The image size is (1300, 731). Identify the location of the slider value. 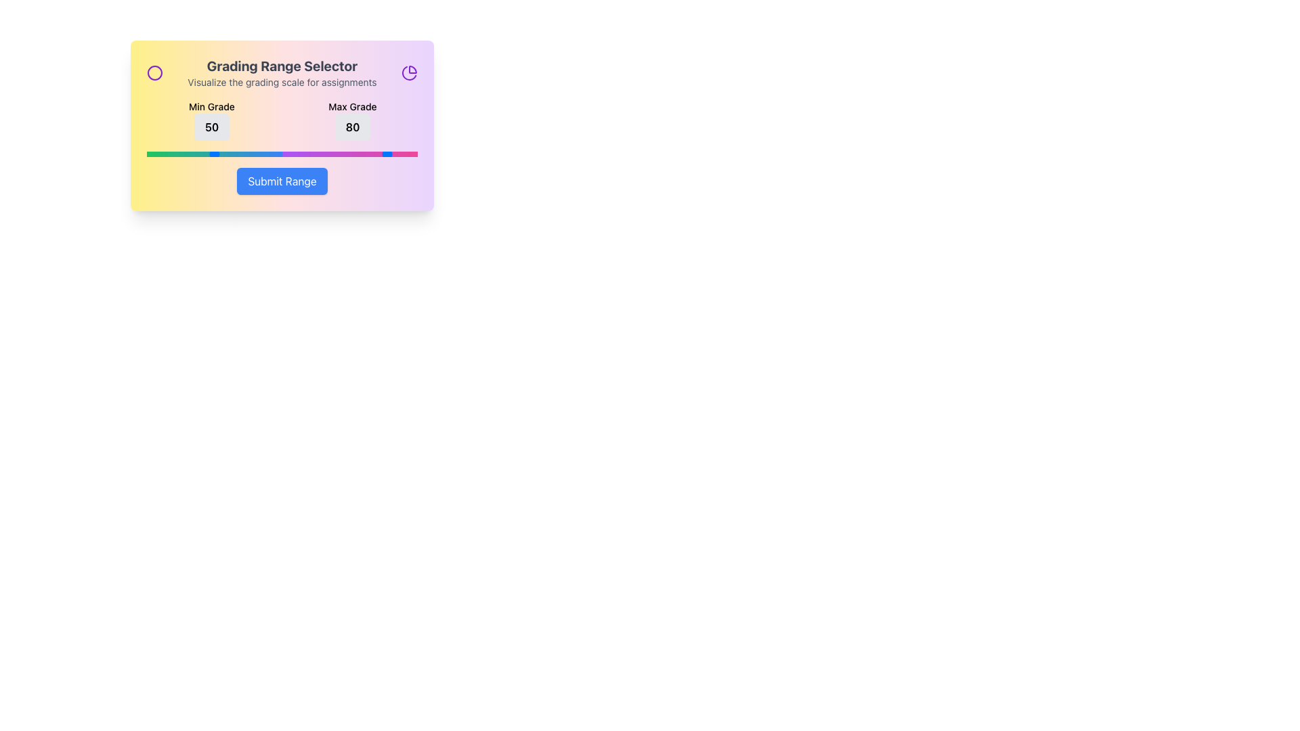
(408, 153).